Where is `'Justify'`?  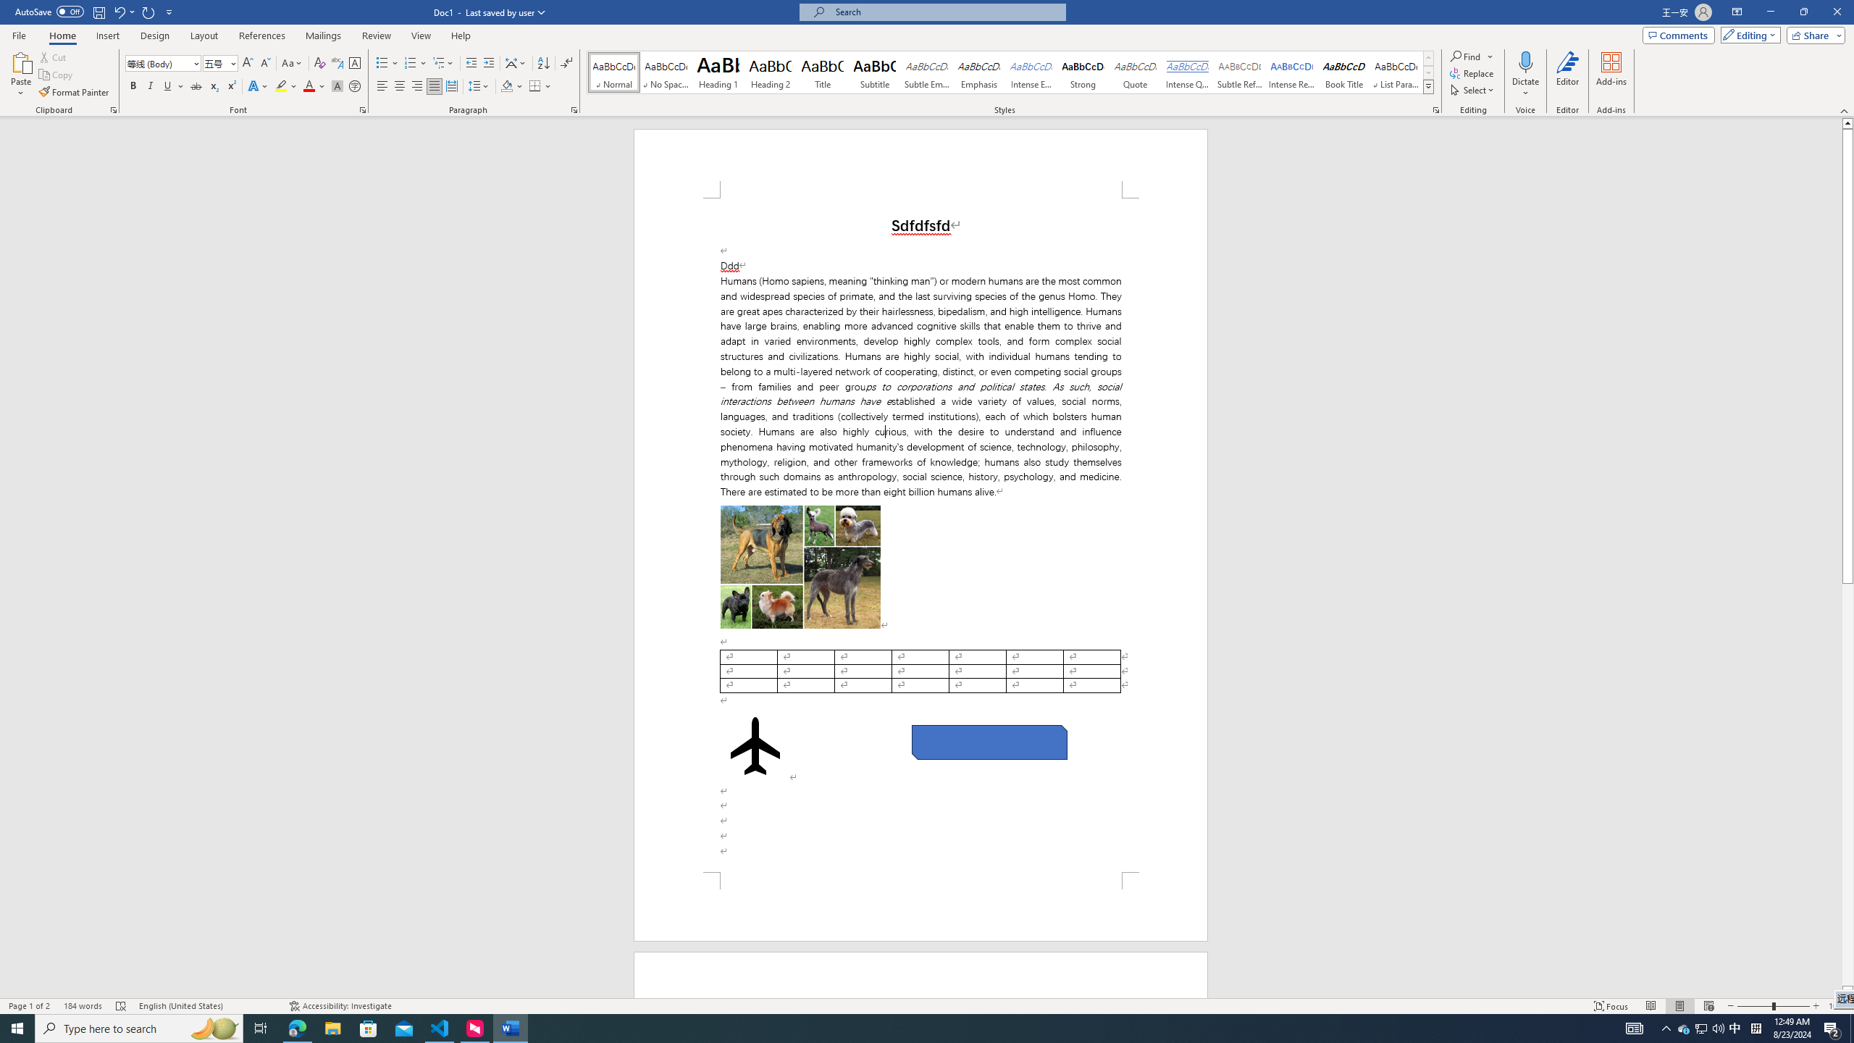 'Justify' is located at coordinates (434, 85).